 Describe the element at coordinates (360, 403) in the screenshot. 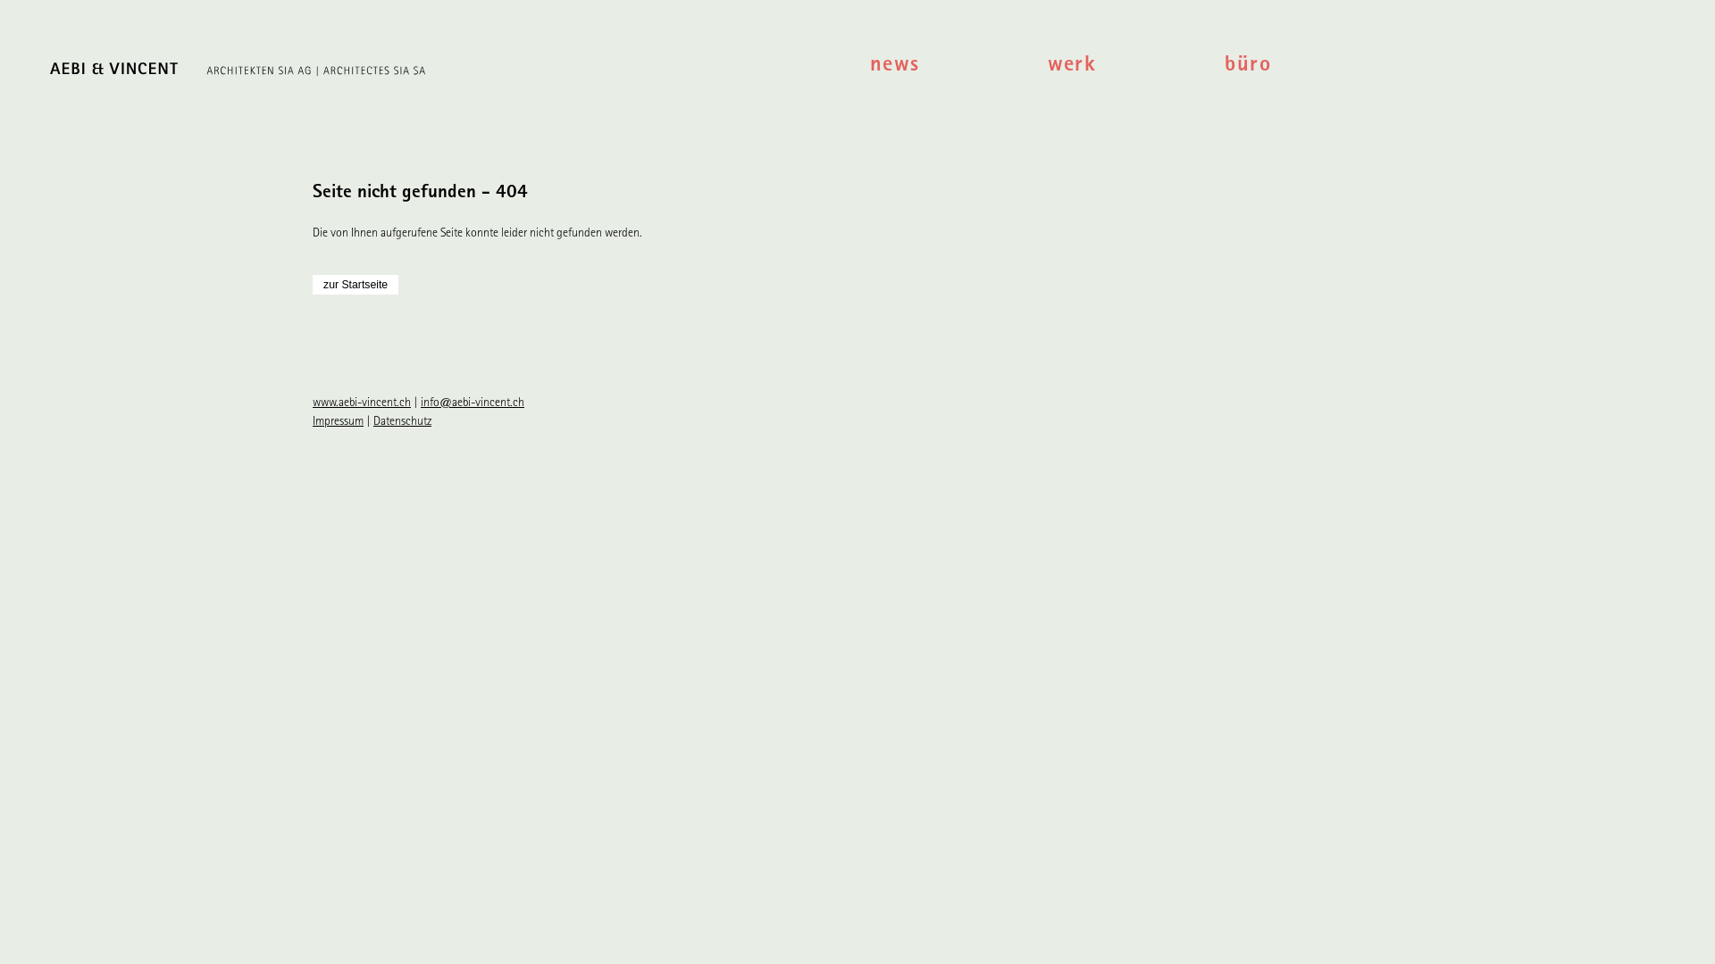

I see `'www.aebi-vincent.ch'` at that location.